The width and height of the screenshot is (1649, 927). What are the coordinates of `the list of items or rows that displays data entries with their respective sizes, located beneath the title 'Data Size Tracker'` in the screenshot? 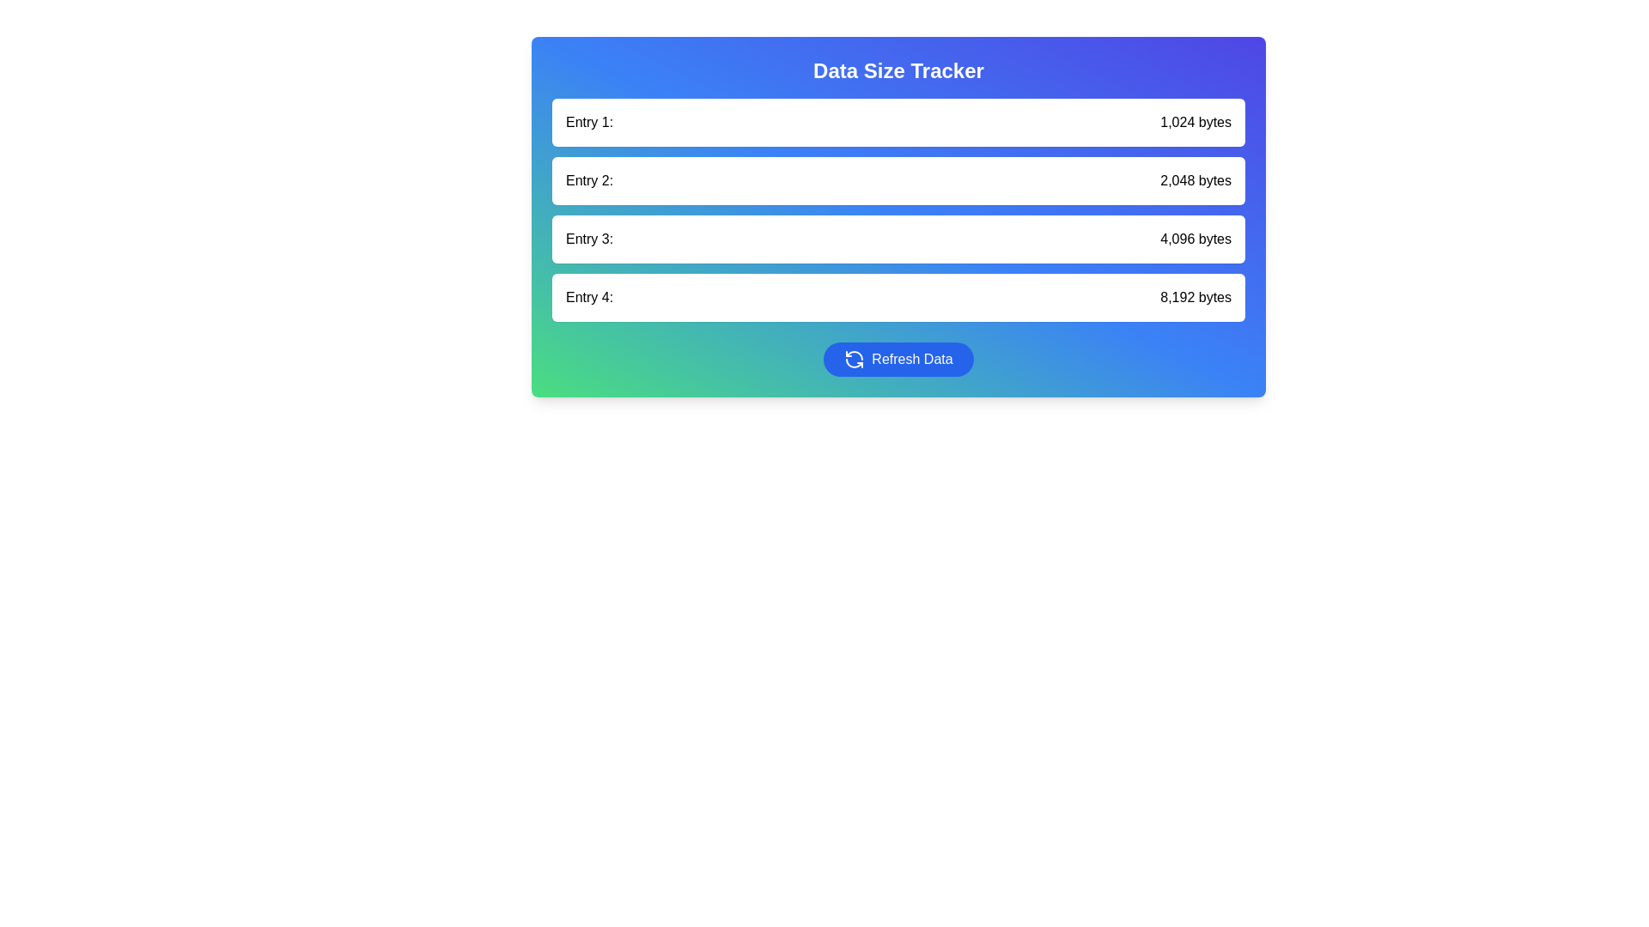 It's located at (898, 209).